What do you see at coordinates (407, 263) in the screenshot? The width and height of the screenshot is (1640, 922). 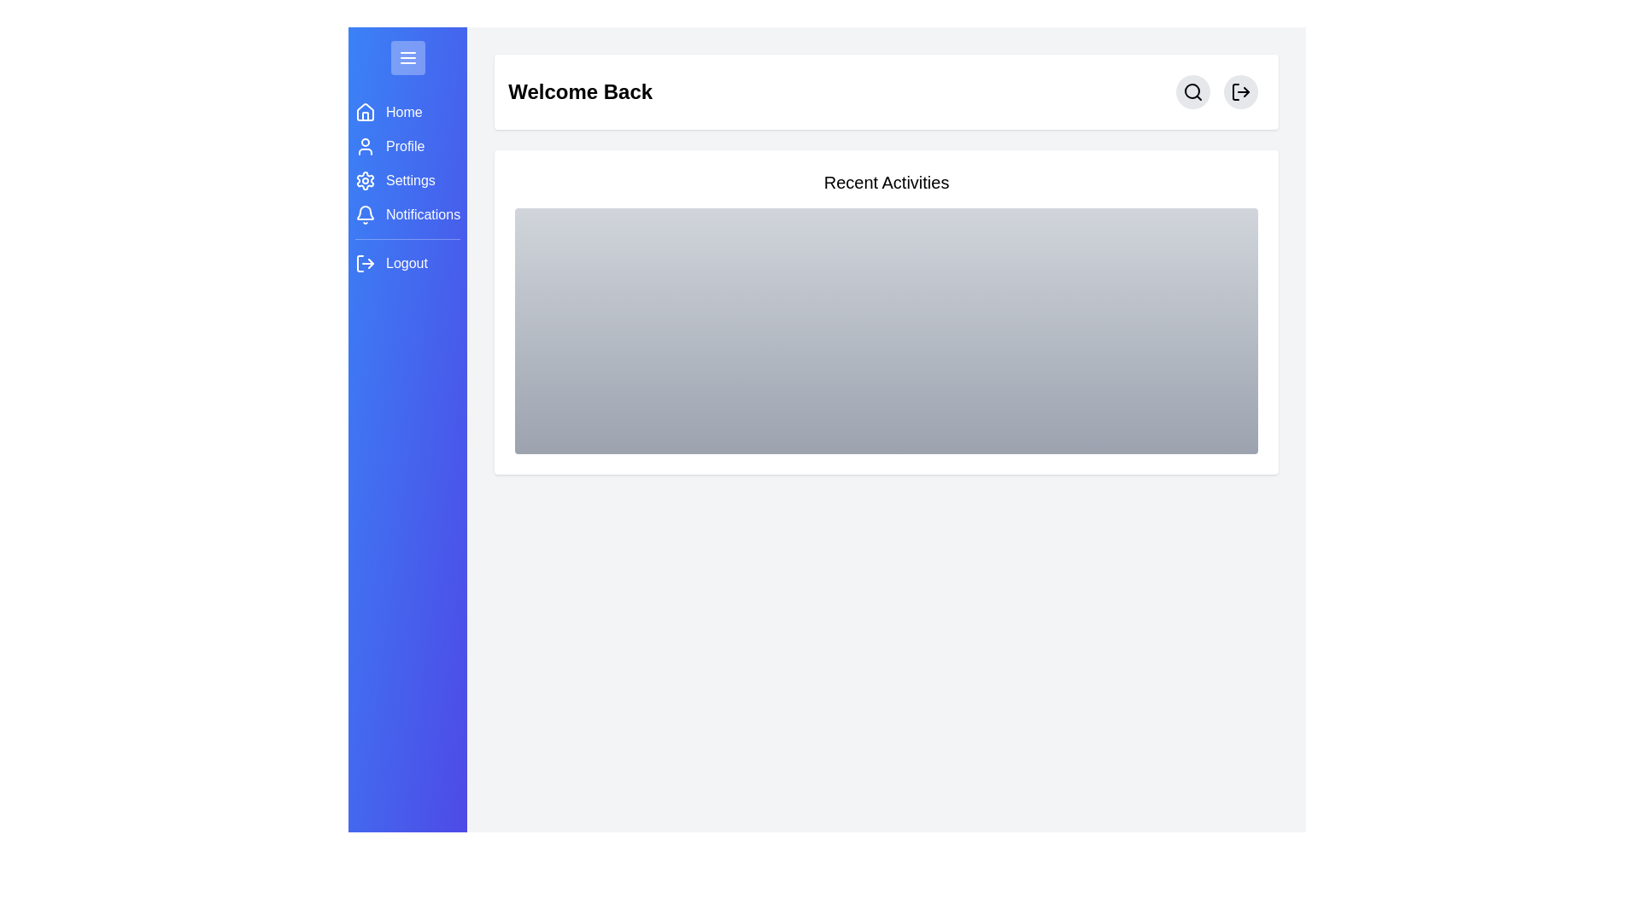 I see `the logout button located at the bottom of the vertical menu panel on the left side of the interface` at bounding box center [407, 263].